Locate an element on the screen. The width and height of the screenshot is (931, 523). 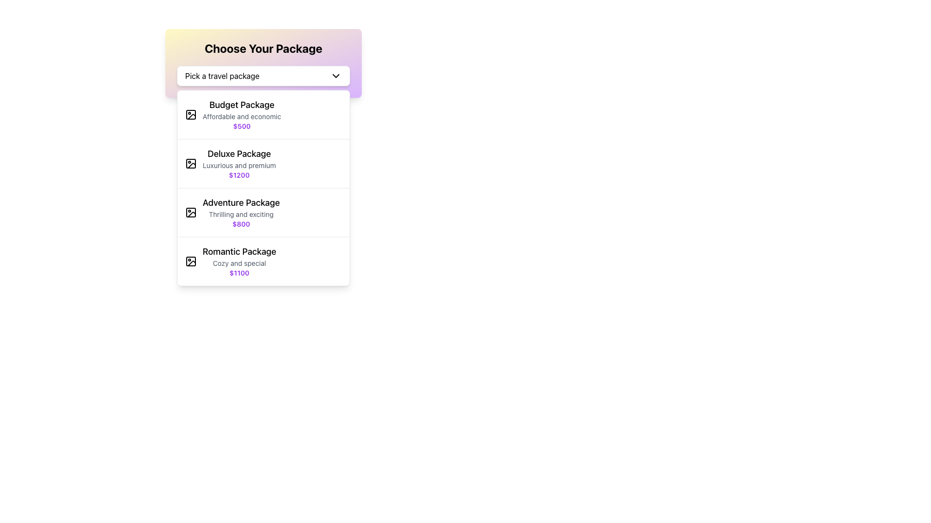
the Descriptive Text for the 'Budget Package' is located at coordinates (242, 116).